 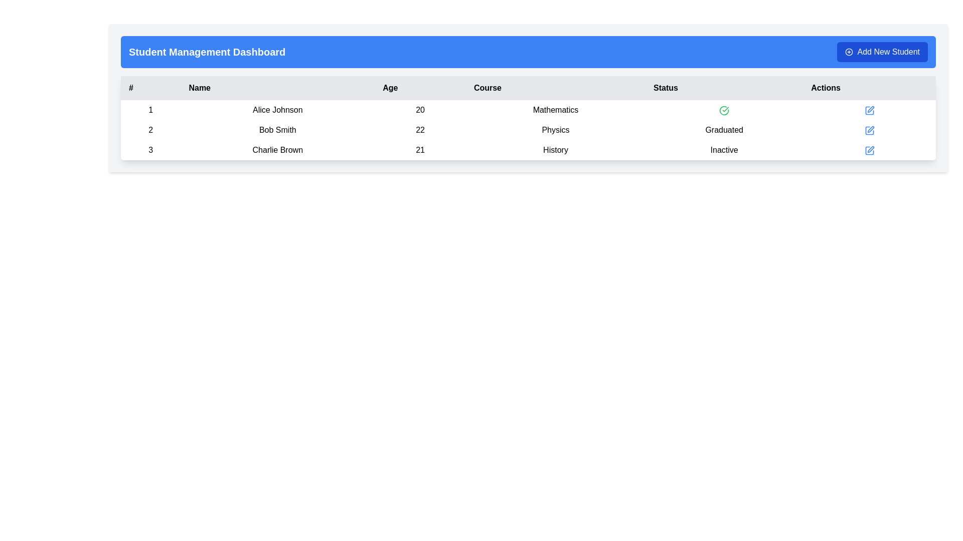 What do you see at coordinates (724, 110) in the screenshot?
I see `the green circular icon with a checkmark located in the 'Status' column of the first row in the data table` at bounding box center [724, 110].